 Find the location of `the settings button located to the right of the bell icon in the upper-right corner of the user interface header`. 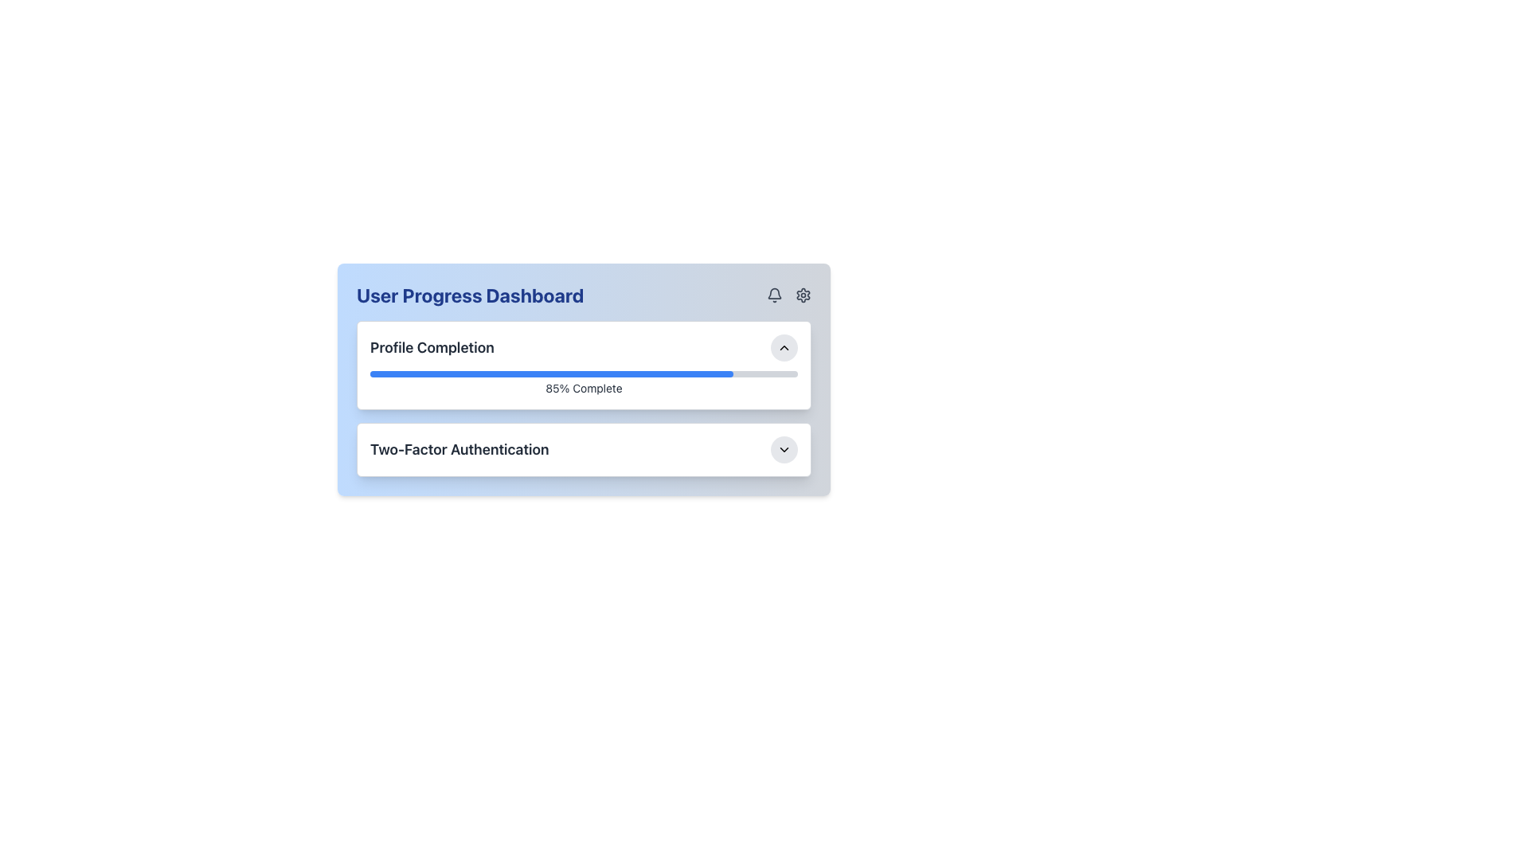

the settings button located to the right of the bell icon in the upper-right corner of the user interface header is located at coordinates (803, 295).